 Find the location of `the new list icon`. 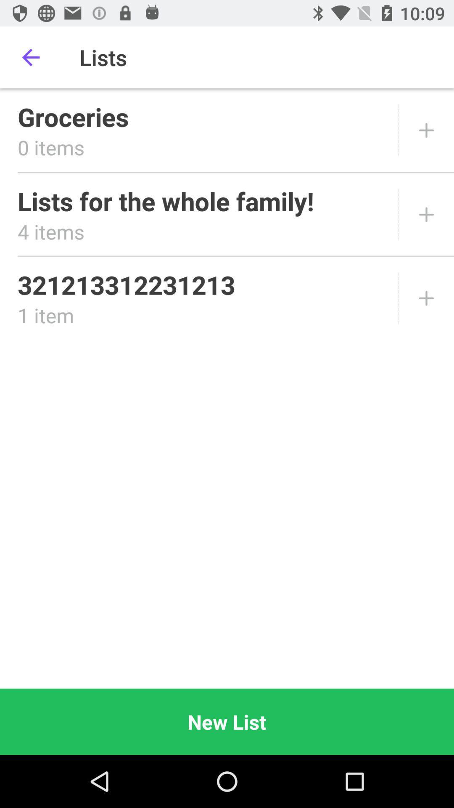

the new list icon is located at coordinates (227, 721).